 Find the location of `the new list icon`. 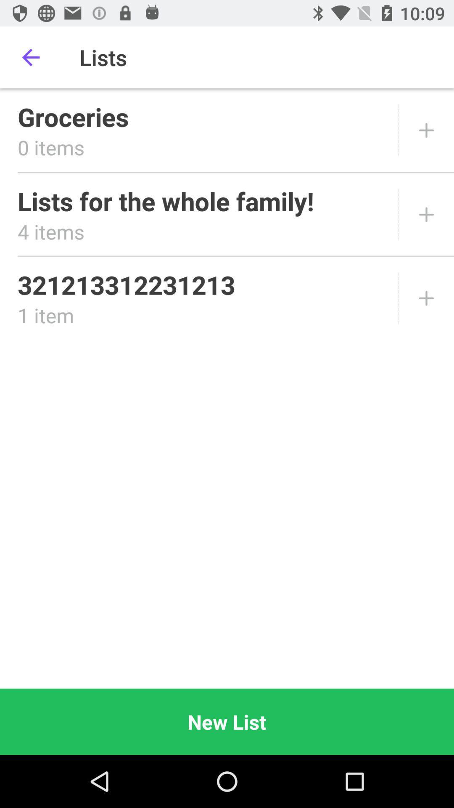

the new list icon is located at coordinates (227, 721).